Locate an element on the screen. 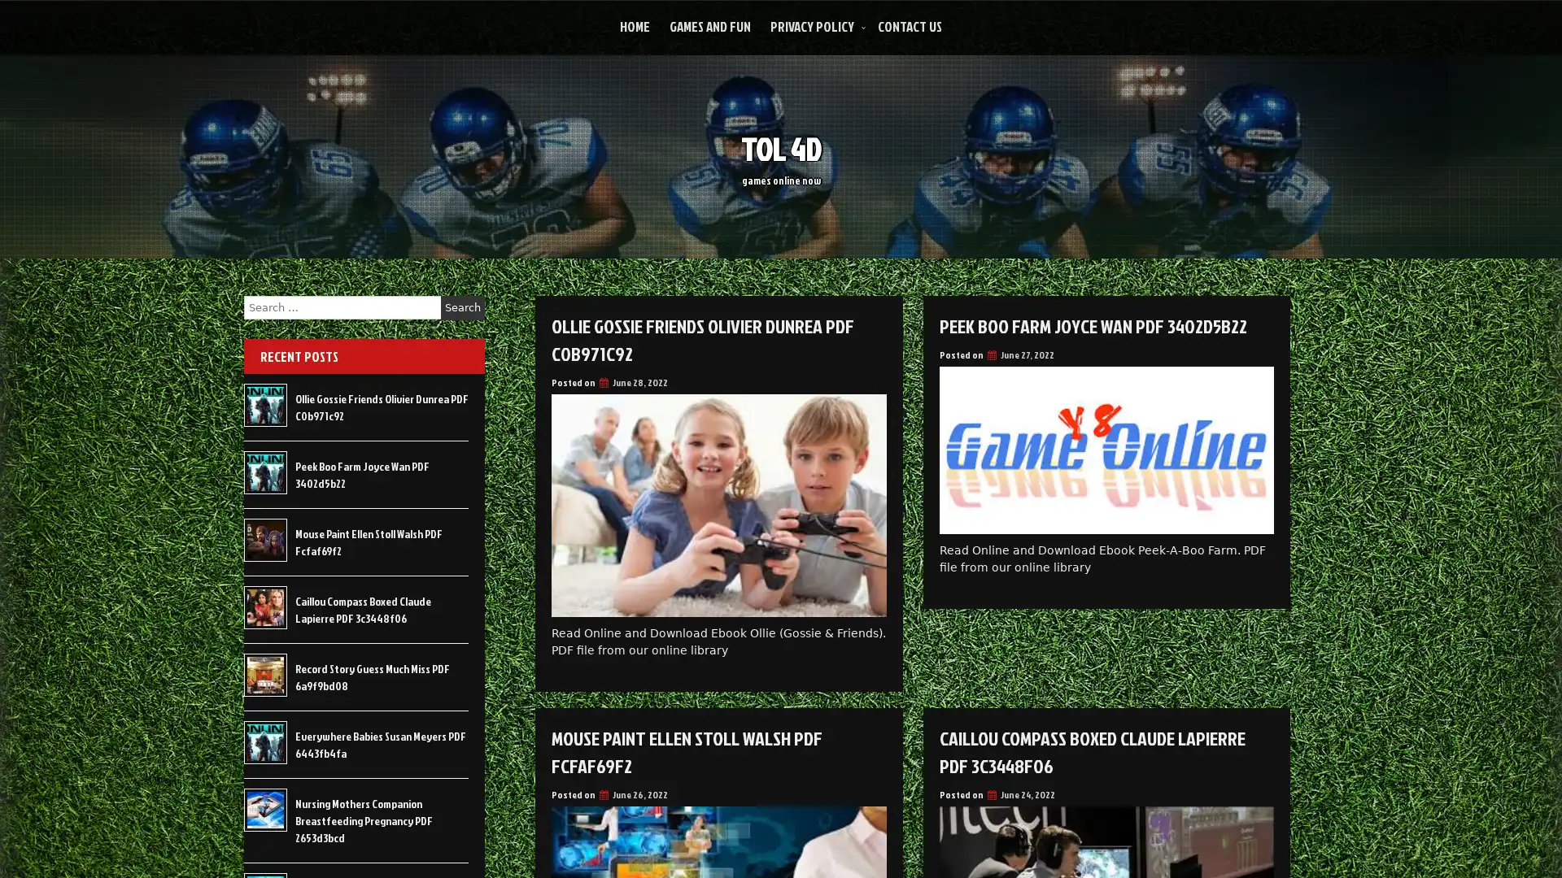 The width and height of the screenshot is (1562, 878). Search is located at coordinates (462, 307).